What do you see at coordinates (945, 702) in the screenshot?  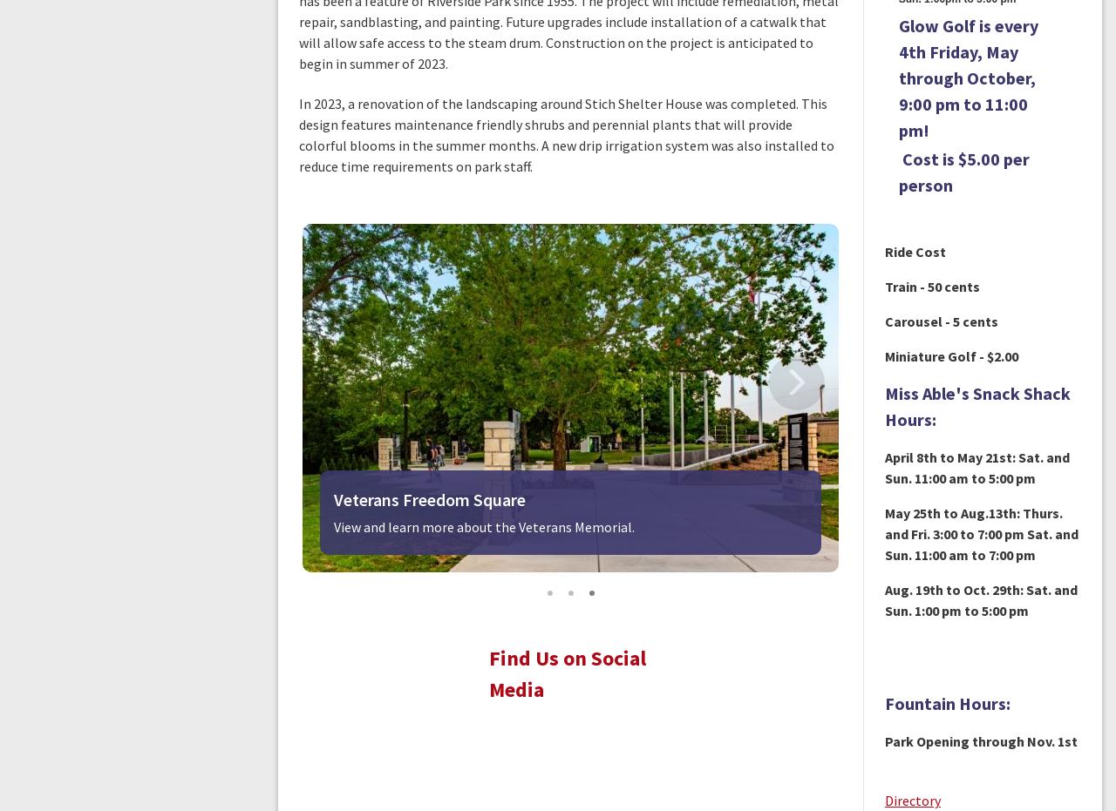 I see `'Fountain Hours:'` at bounding box center [945, 702].